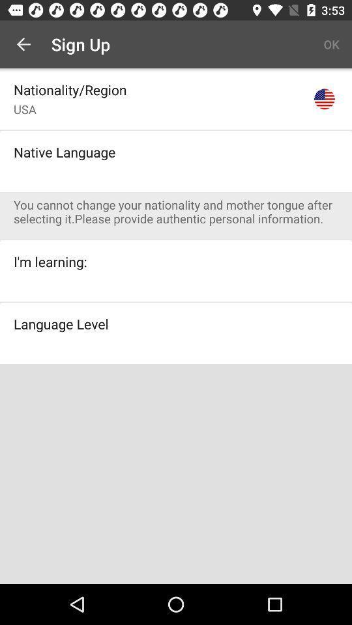 The height and width of the screenshot is (625, 352). What do you see at coordinates (60, 323) in the screenshot?
I see `language level icon` at bounding box center [60, 323].